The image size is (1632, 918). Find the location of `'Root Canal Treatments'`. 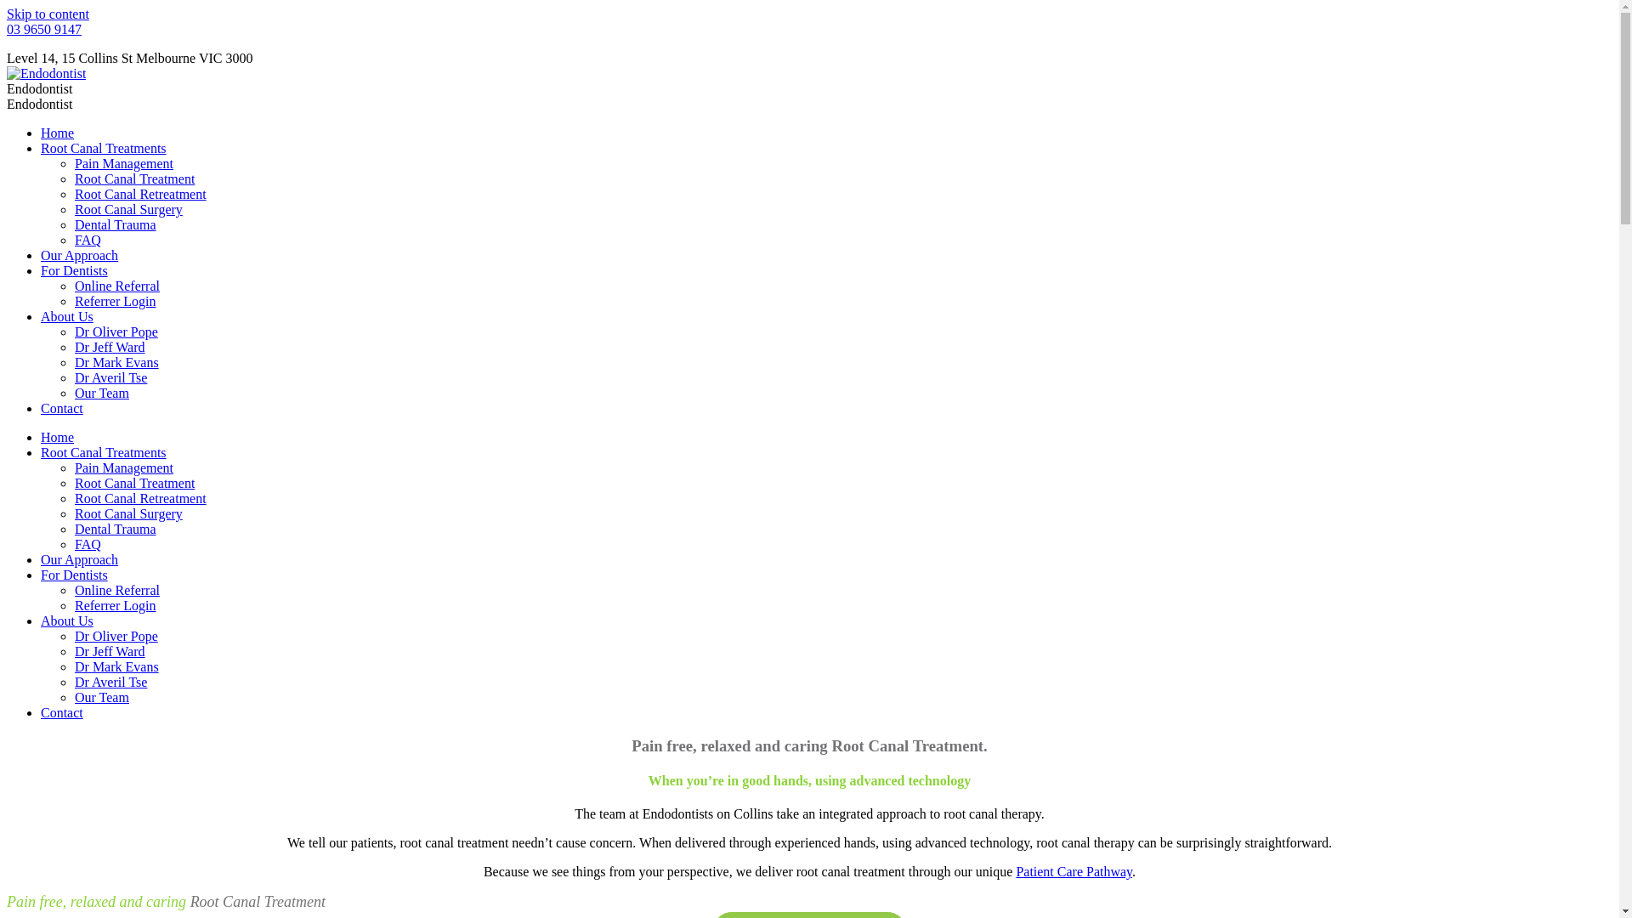

'Root Canal Treatments' is located at coordinates (102, 147).